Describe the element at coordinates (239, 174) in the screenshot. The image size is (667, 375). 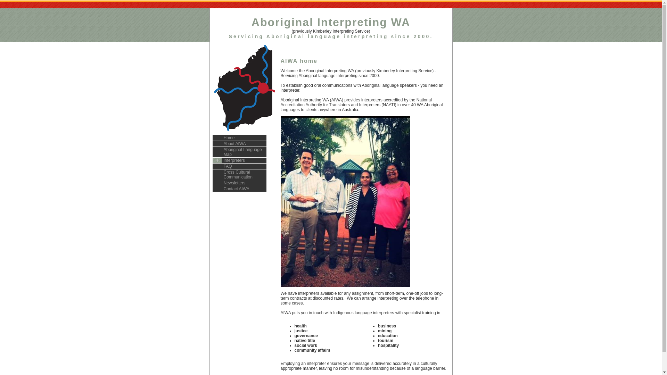
I see `'Cross Cultural Communication'` at that location.